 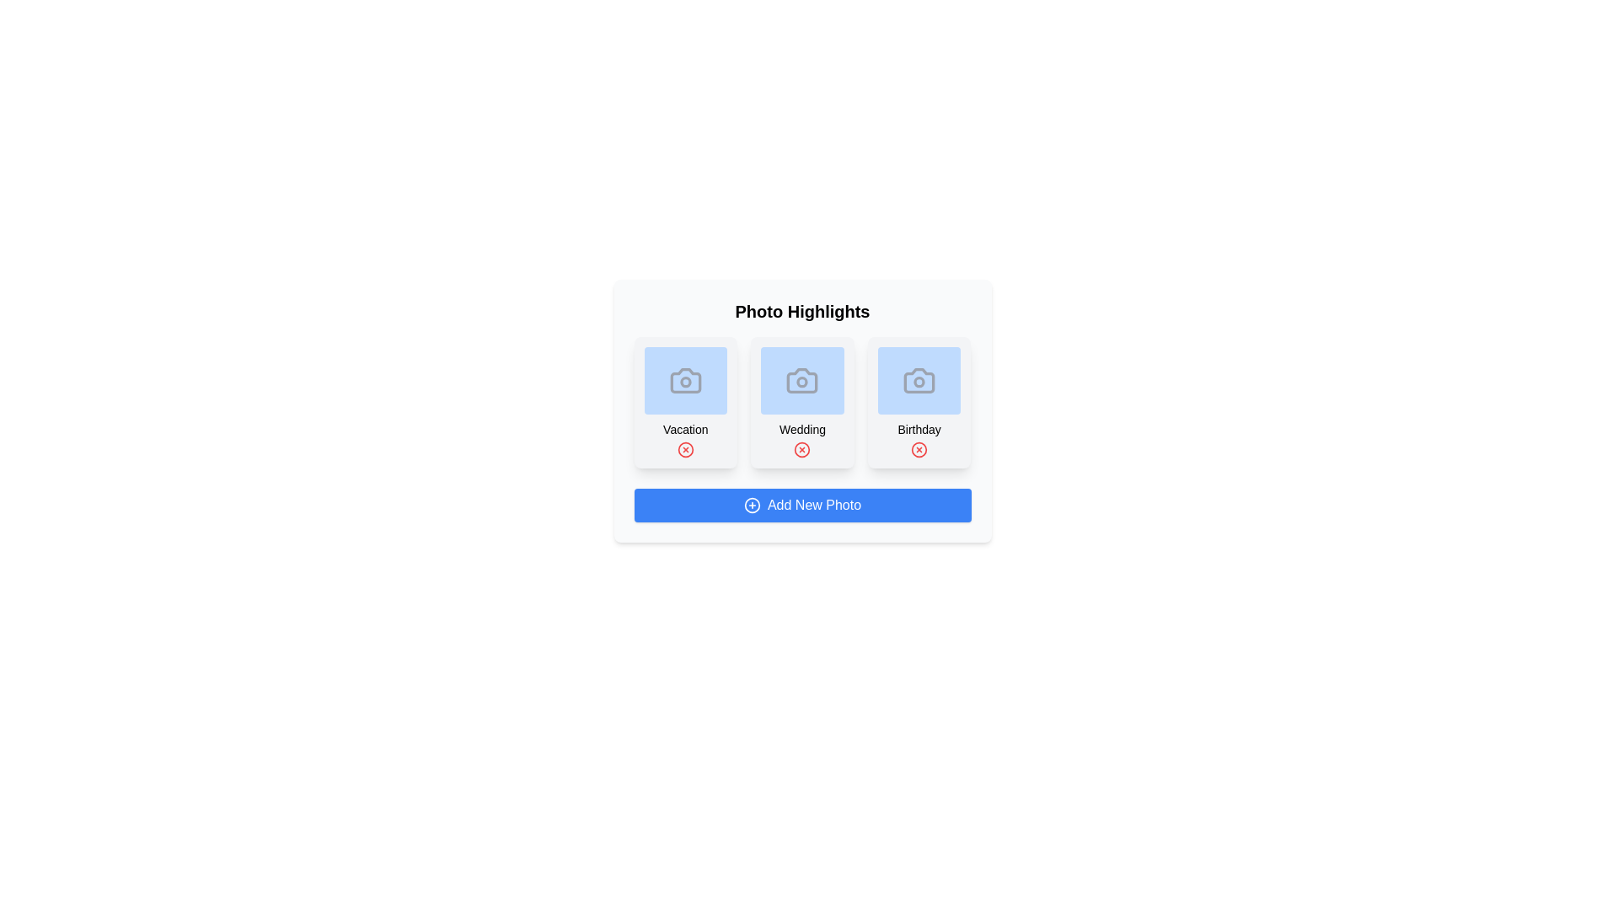 What do you see at coordinates (685, 448) in the screenshot?
I see `the delete button for the photo labeled Vacation` at bounding box center [685, 448].